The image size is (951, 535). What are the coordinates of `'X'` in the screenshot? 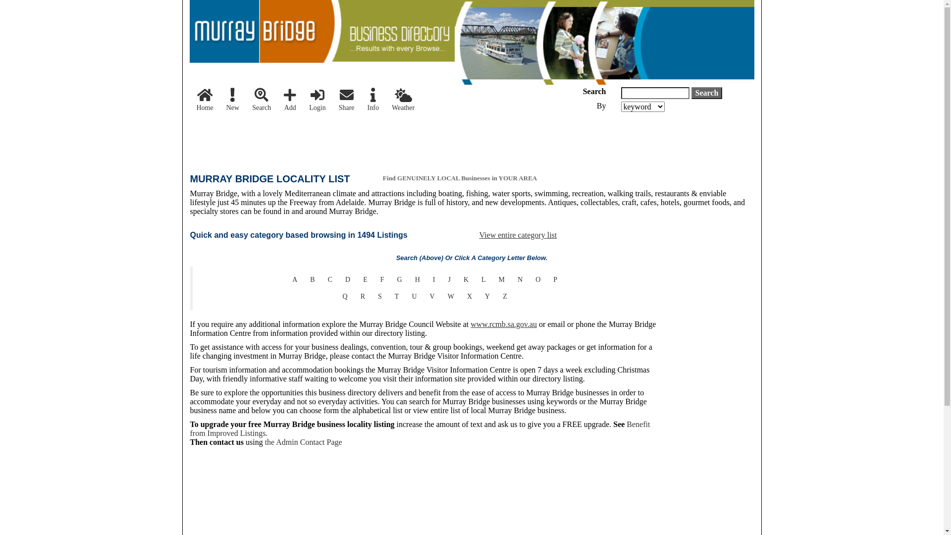 It's located at (469, 296).